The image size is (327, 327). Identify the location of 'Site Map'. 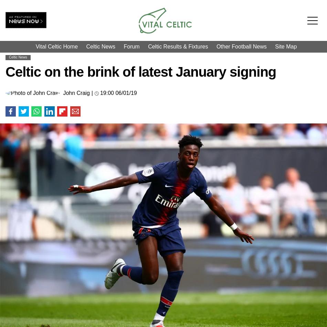
(285, 46).